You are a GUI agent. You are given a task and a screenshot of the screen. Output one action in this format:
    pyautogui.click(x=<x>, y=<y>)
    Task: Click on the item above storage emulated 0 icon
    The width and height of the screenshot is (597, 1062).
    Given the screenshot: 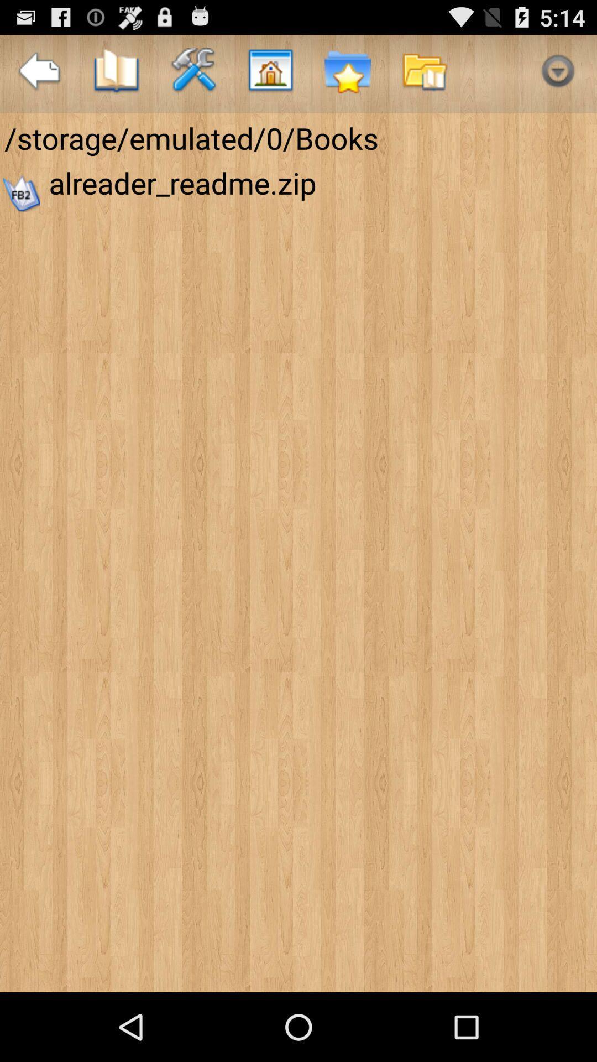 What is the action you would take?
    pyautogui.click(x=558, y=73)
    